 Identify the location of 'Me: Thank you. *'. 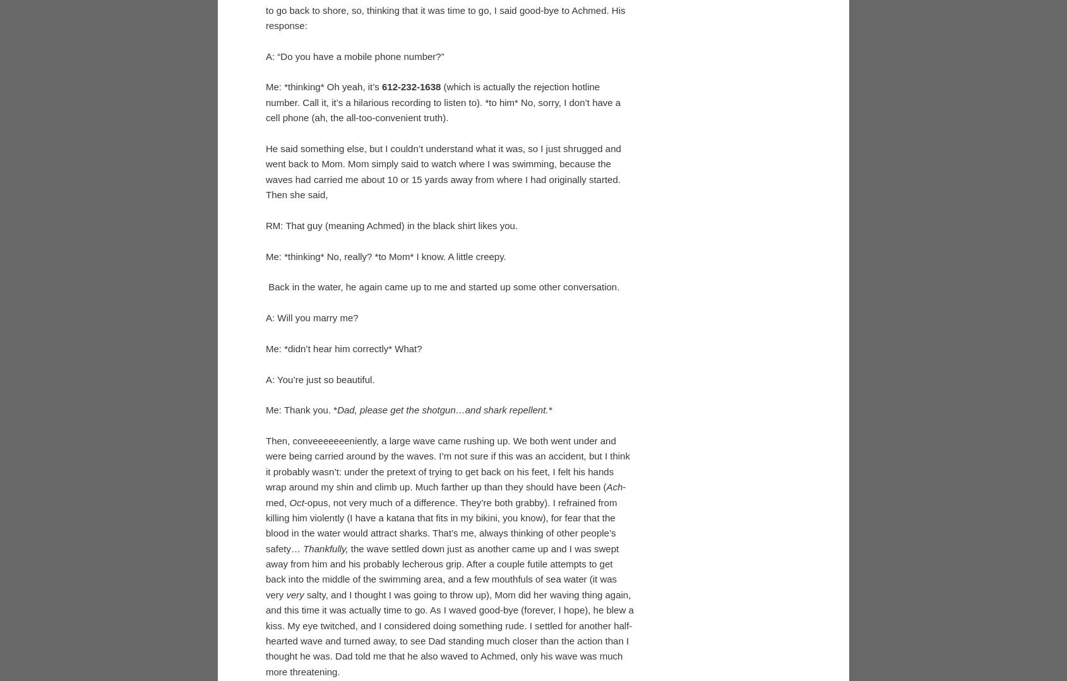
(265, 615).